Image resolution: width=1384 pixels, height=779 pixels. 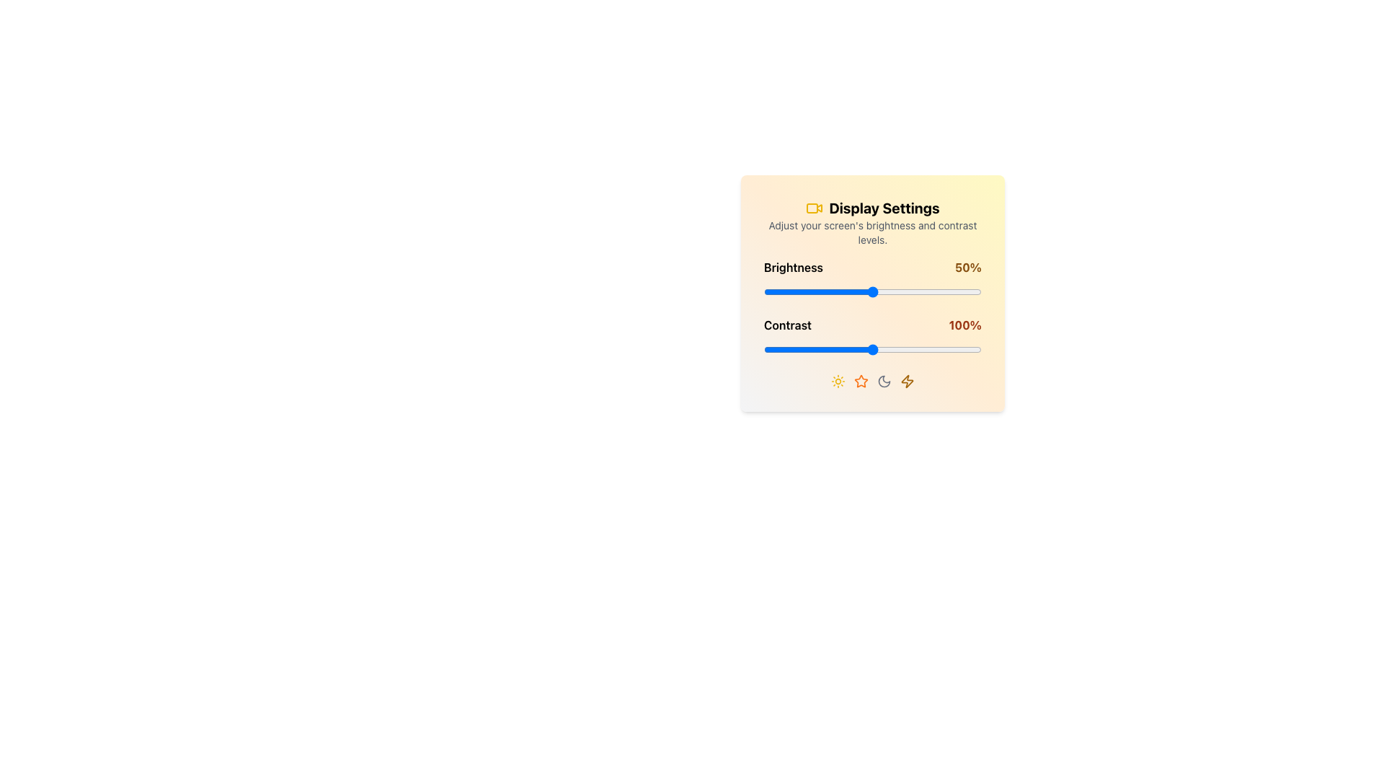 I want to click on brightness, so click(x=944, y=292).